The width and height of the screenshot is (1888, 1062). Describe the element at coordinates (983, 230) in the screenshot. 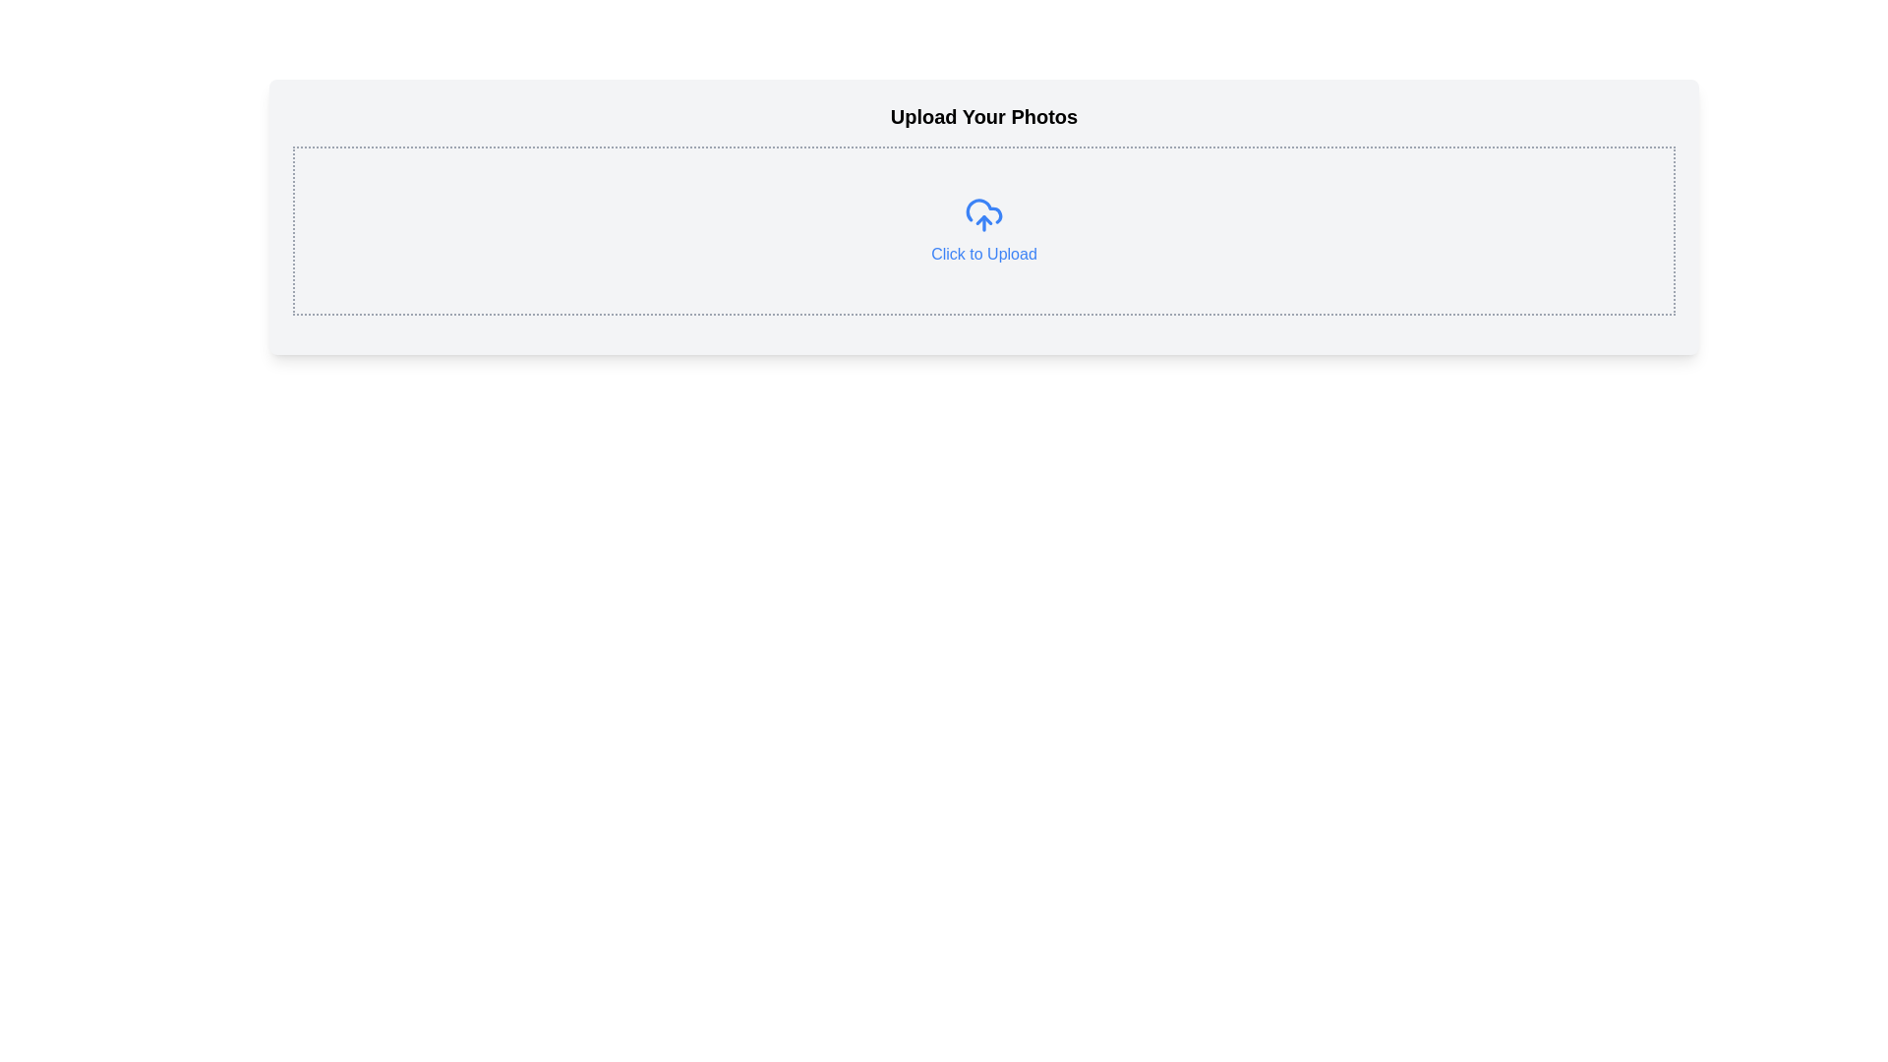

I see `the blue cloud upload icon with the text 'Click to Upload'` at that location.